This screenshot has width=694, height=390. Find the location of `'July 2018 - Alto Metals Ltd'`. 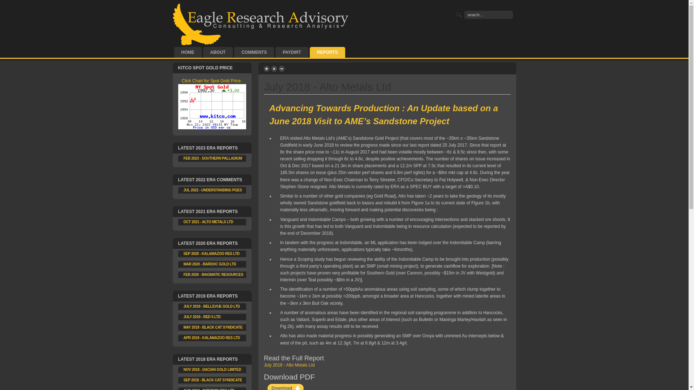

'July 2018 - Alto Metals Ltd' is located at coordinates (289, 365).